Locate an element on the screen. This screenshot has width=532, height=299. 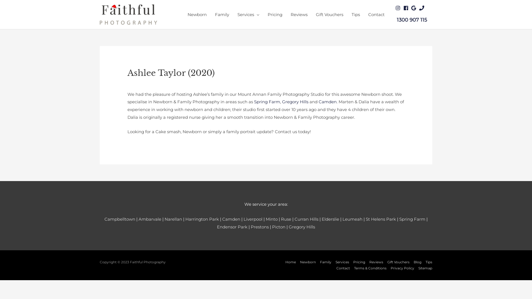
'Elderslie' is located at coordinates (330, 219).